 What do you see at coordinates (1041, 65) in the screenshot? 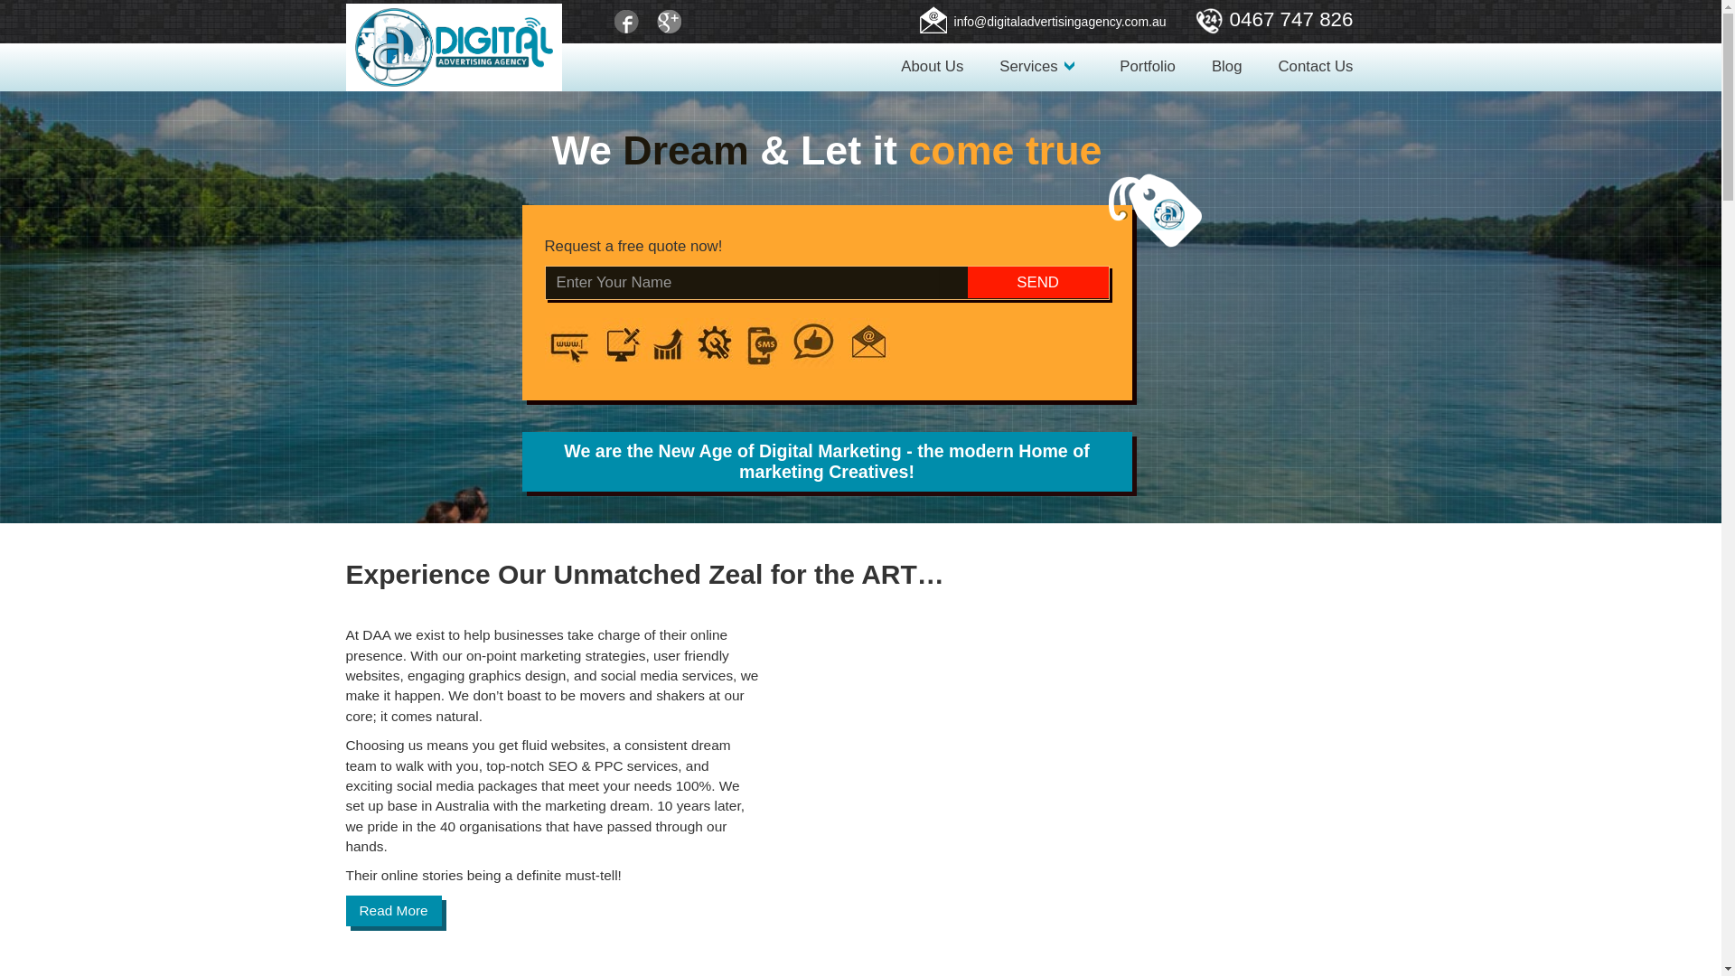
I see `'Services'` at bounding box center [1041, 65].